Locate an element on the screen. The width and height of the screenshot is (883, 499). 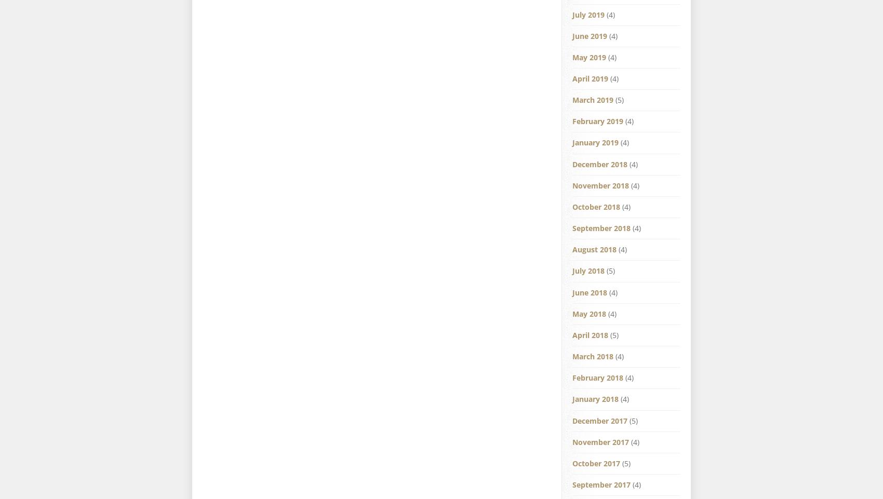
'May 2018' is located at coordinates (589, 313).